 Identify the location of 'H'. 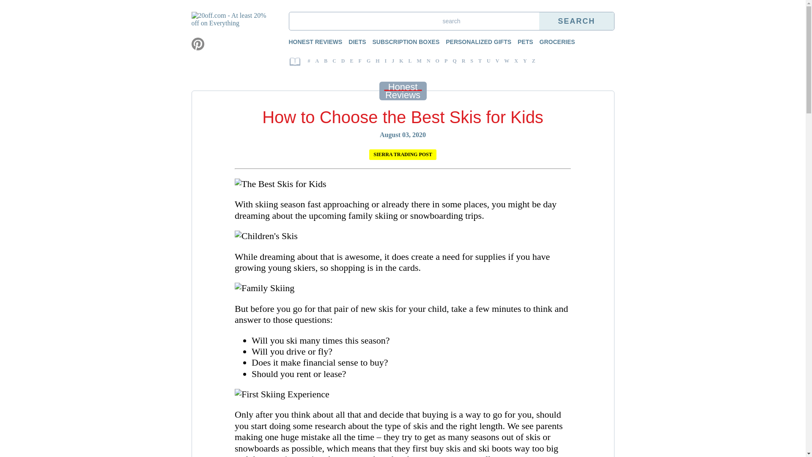
(377, 61).